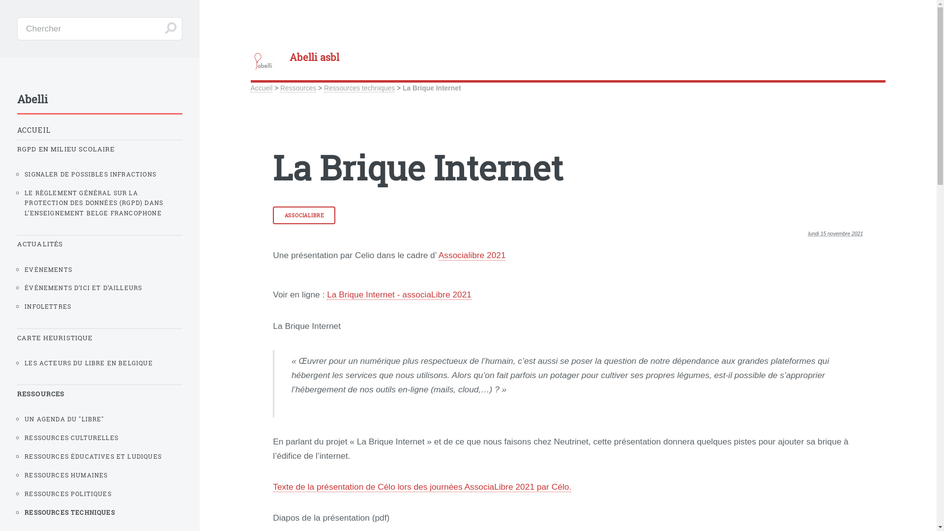 The height and width of the screenshot is (531, 944). Describe the element at coordinates (103, 306) in the screenshot. I see `'INFOLETTRES'` at that location.